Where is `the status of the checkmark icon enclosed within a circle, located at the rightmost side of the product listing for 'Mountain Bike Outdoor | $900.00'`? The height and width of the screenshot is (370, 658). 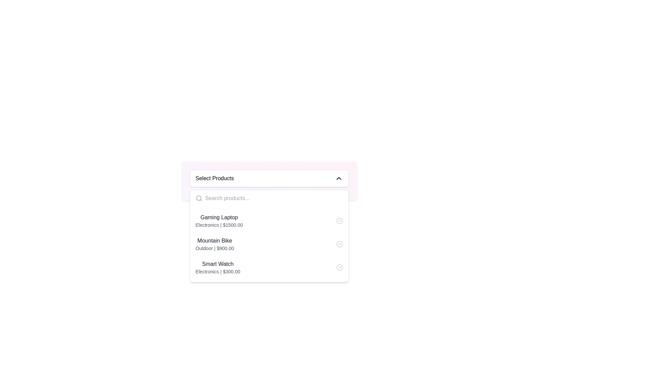
the status of the checkmark icon enclosed within a circle, located at the rightmost side of the product listing for 'Mountain Bike Outdoor | $900.00' is located at coordinates (339, 244).